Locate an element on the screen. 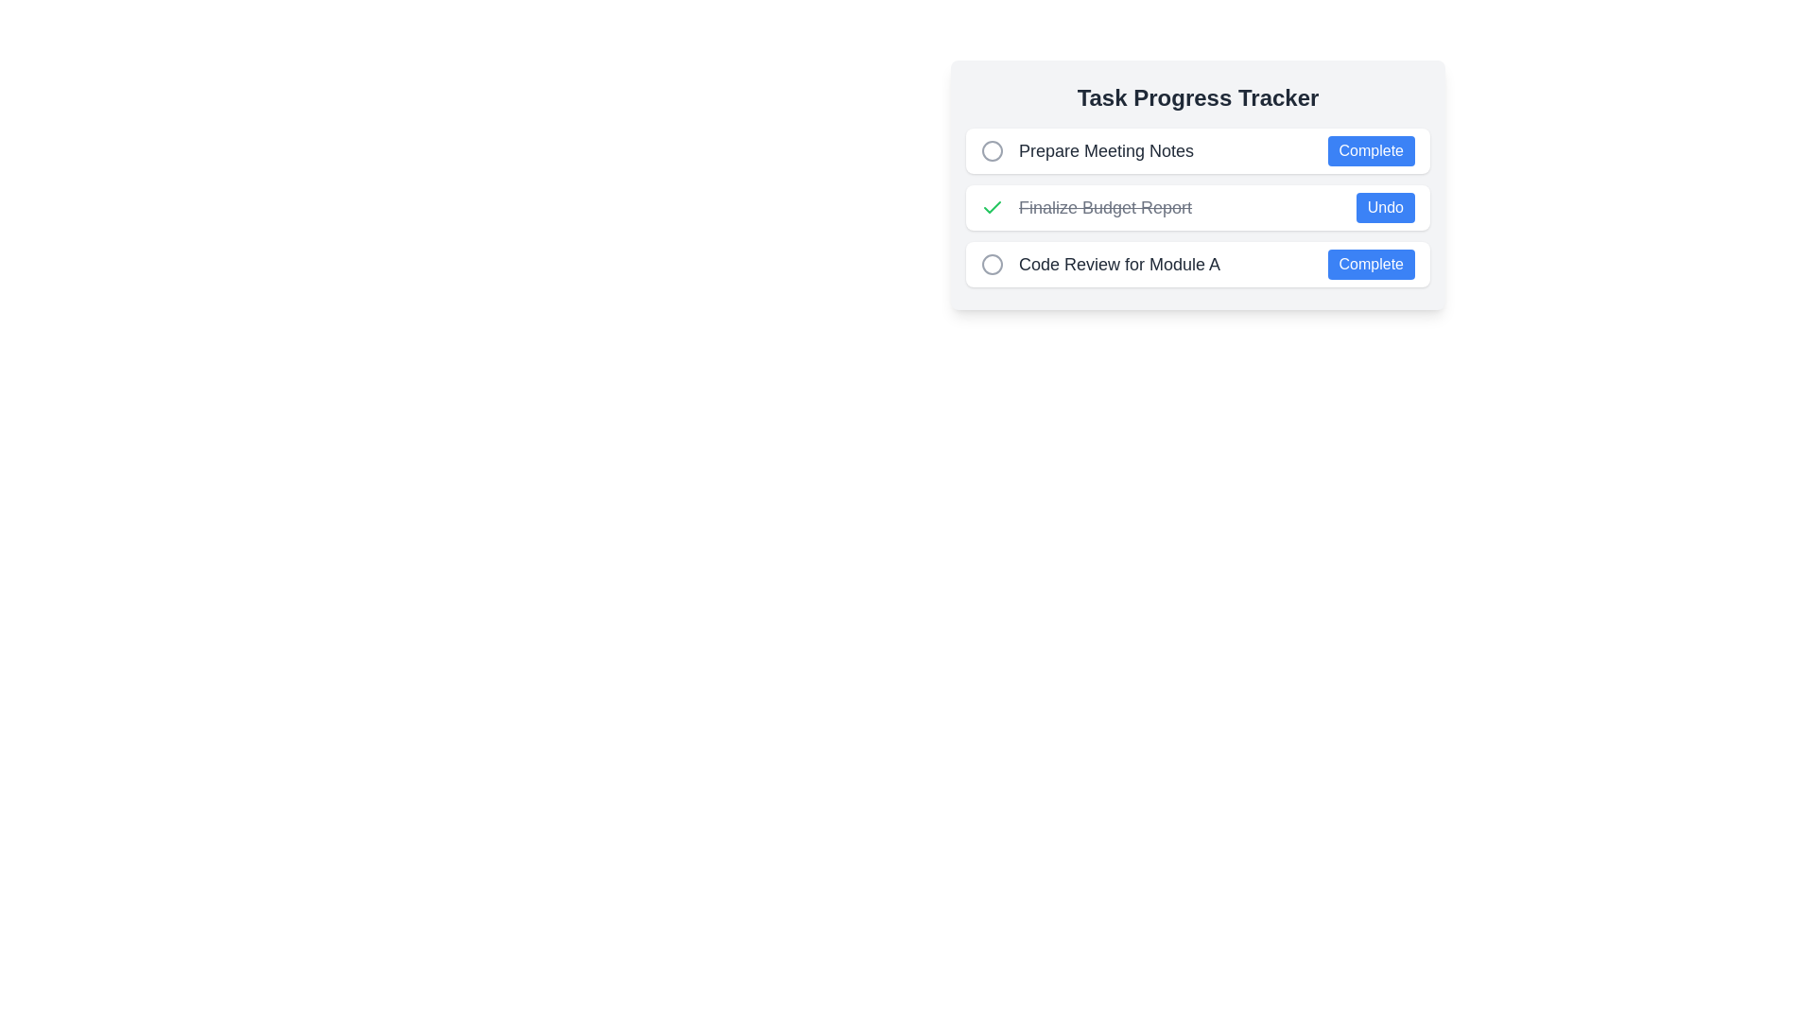  the button located at the far right of the 'Prepare Meeting Notes' row to mark the task as complete is located at coordinates (1371, 149).